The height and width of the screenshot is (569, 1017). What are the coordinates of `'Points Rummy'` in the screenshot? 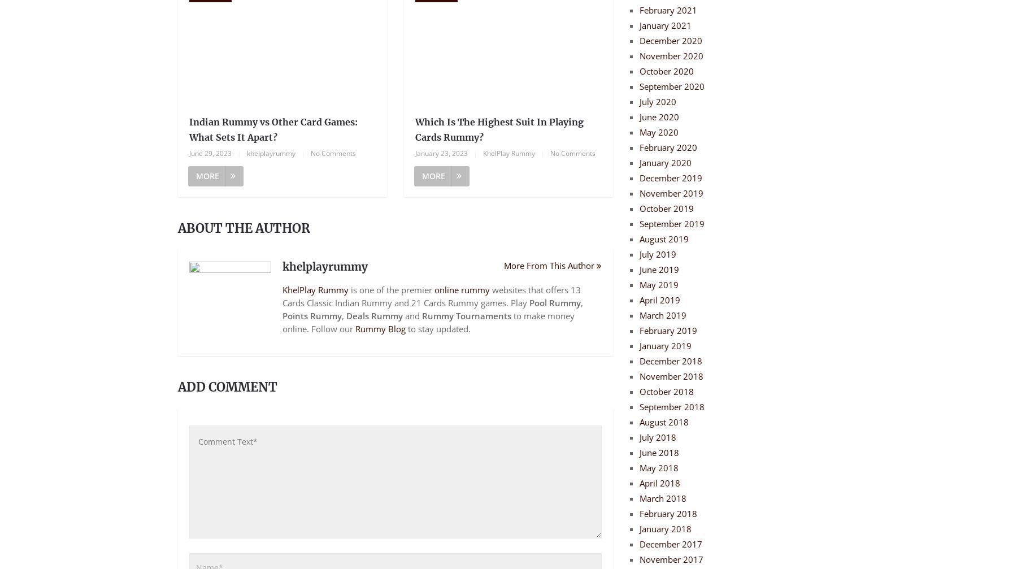 It's located at (311, 315).